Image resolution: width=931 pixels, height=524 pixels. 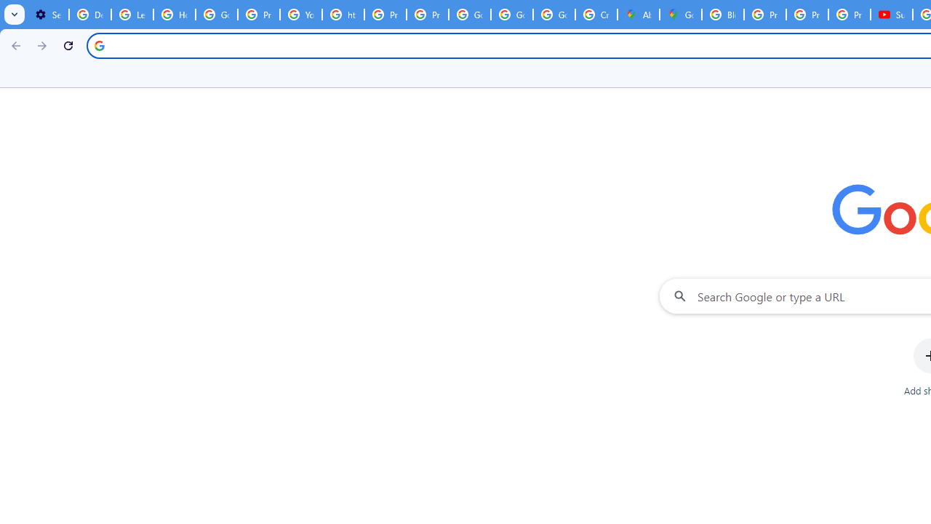 I want to click on 'Privacy Help Center - Policies Help', so click(x=764, y=15).